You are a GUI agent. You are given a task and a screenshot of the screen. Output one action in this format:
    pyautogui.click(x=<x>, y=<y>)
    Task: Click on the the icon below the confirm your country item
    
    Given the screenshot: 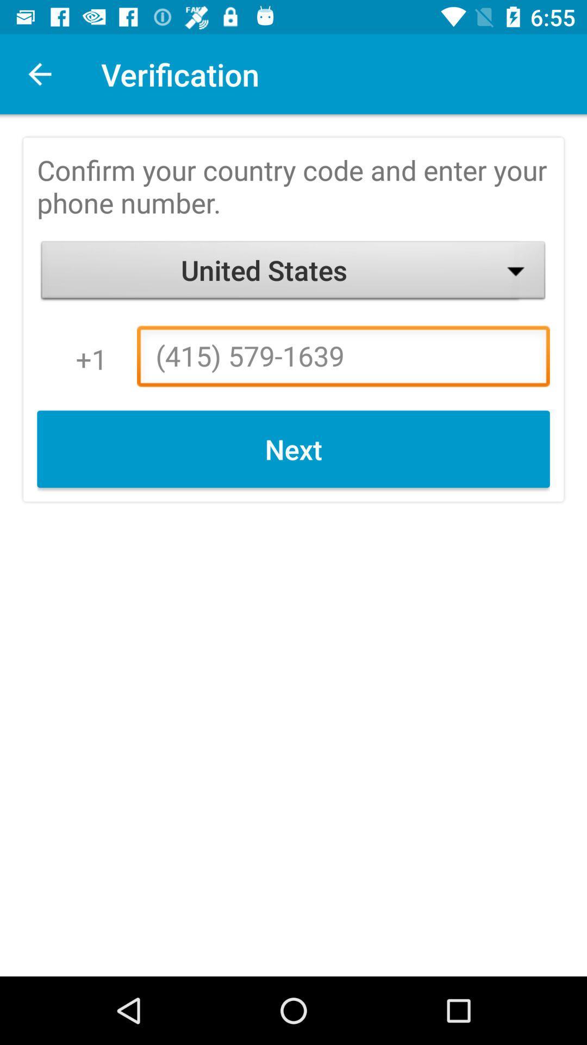 What is the action you would take?
    pyautogui.click(x=293, y=273)
    